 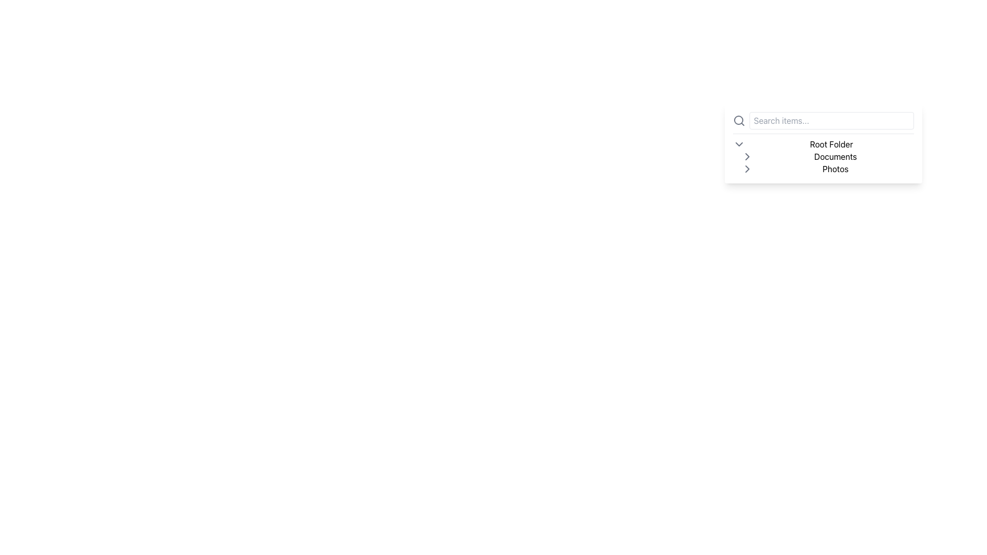 What do you see at coordinates (738, 120) in the screenshot?
I see `the search icon located on the leftmost side of the horizontal group containing the search input field` at bounding box center [738, 120].